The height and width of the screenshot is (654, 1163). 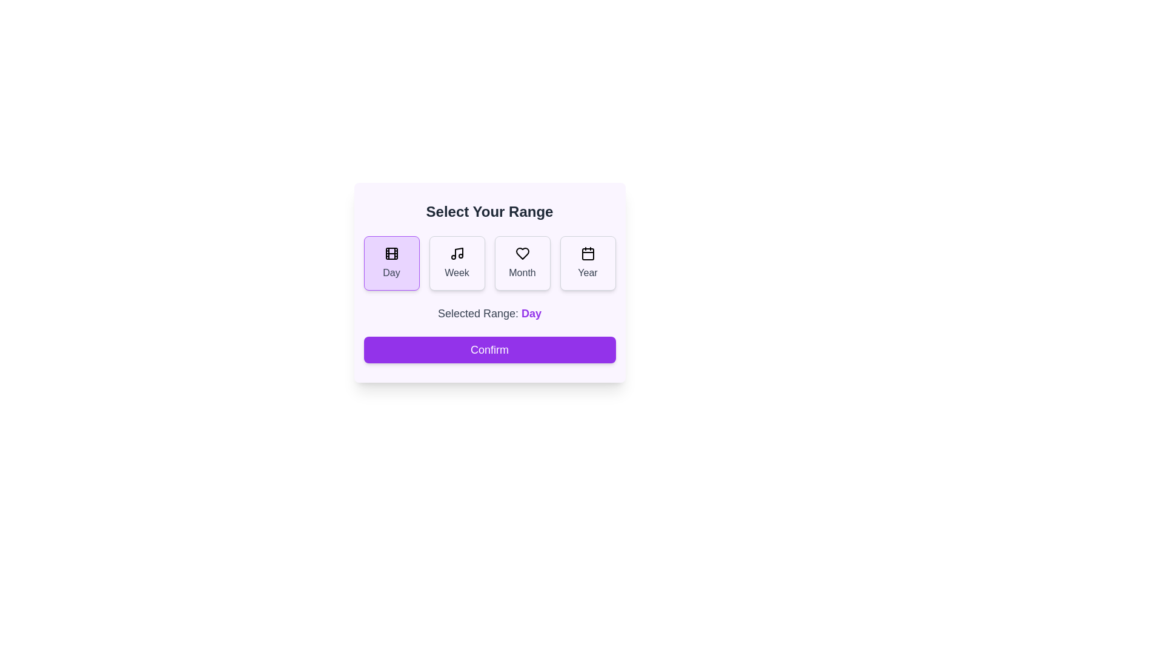 I want to click on the heart-shaped icon with a hollow fill and black border located above the 'Month' label, so click(x=522, y=253).